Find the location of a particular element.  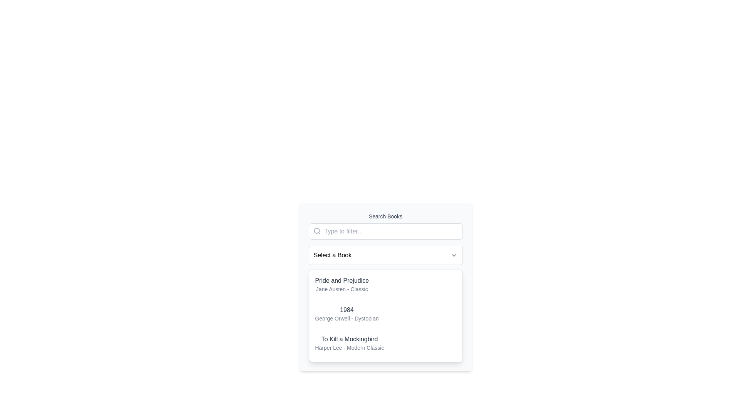

the text element displaying 'George Orwell - Dystopian', which is located directly below the title '1984' in the dropdown list is located at coordinates (346, 318).